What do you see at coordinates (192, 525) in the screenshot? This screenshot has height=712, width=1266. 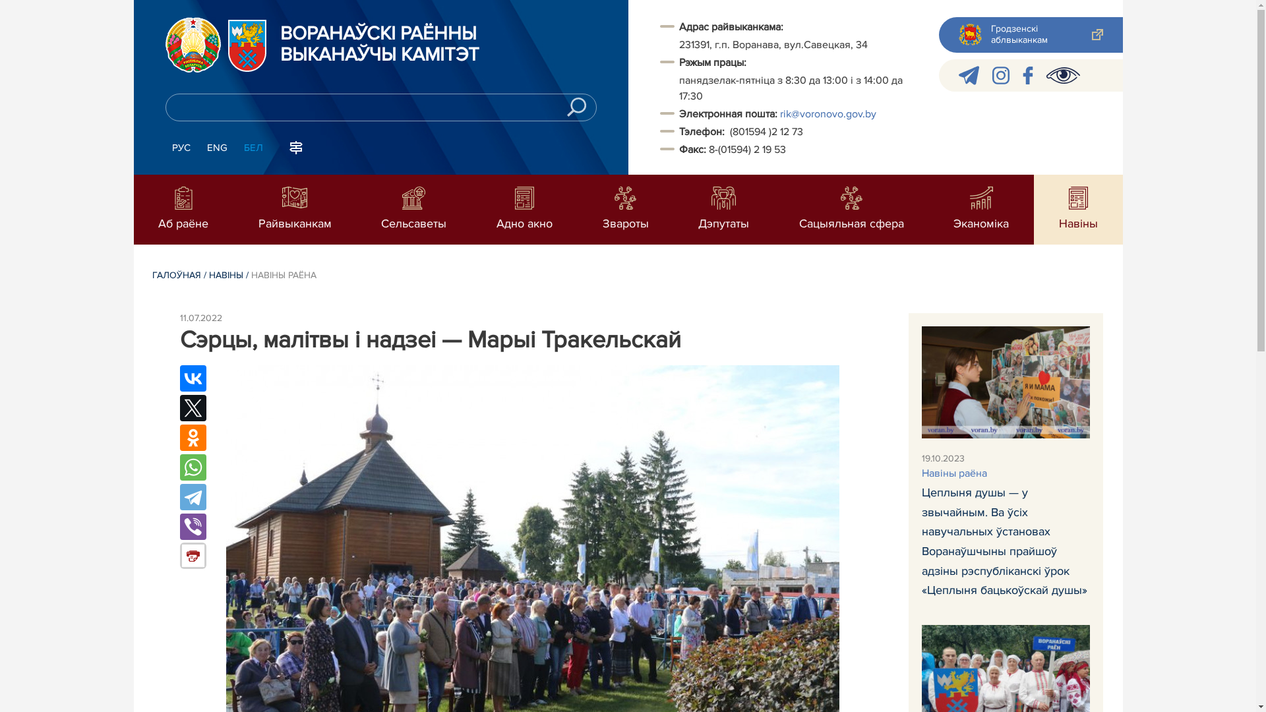 I see `'Viber'` at bounding box center [192, 525].